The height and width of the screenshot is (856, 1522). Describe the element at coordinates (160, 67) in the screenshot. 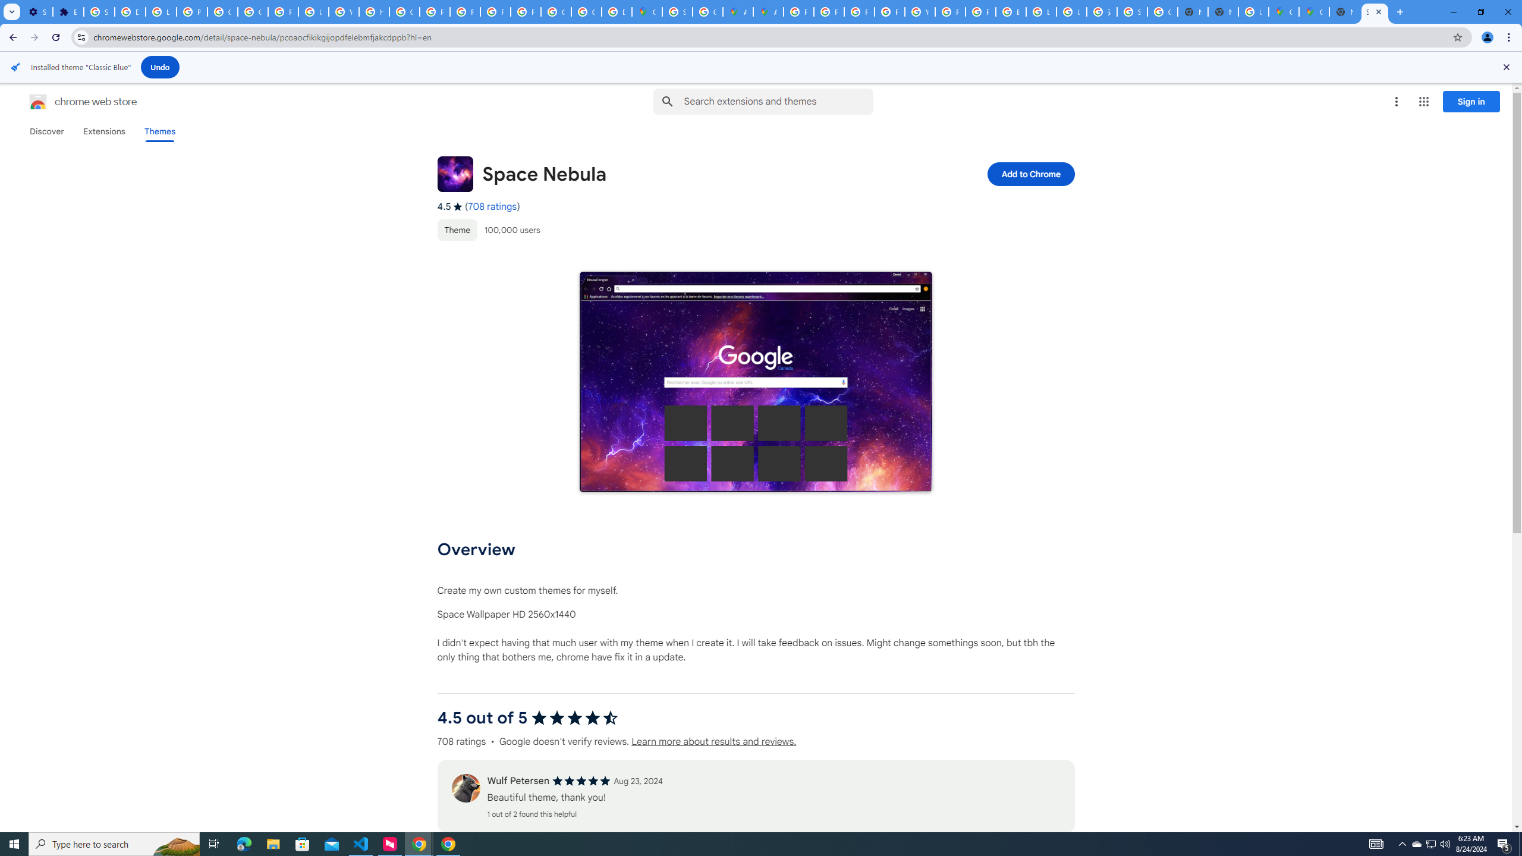

I see `'Undo'` at that location.